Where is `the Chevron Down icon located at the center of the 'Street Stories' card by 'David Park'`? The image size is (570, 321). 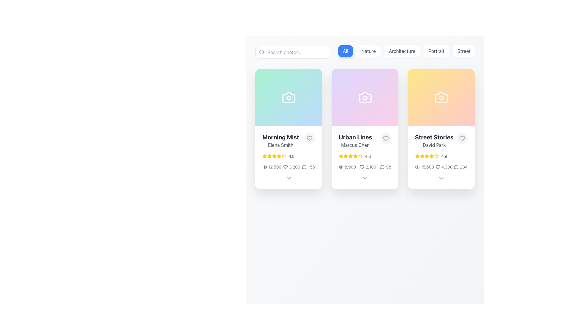 the Chevron Down icon located at the center of the 'Street Stories' card by 'David Park' is located at coordinates (441, 178).